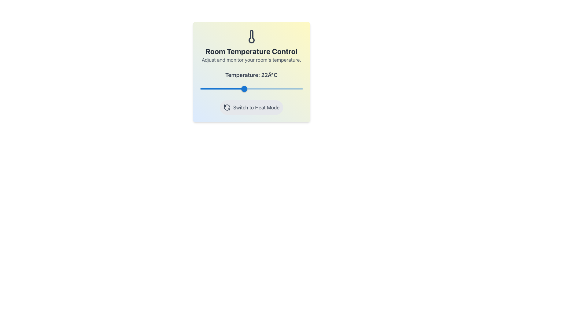 Image resolution: width=587 pixels, height=330 pixels. I want to click on the temperature, so click(251, 89).